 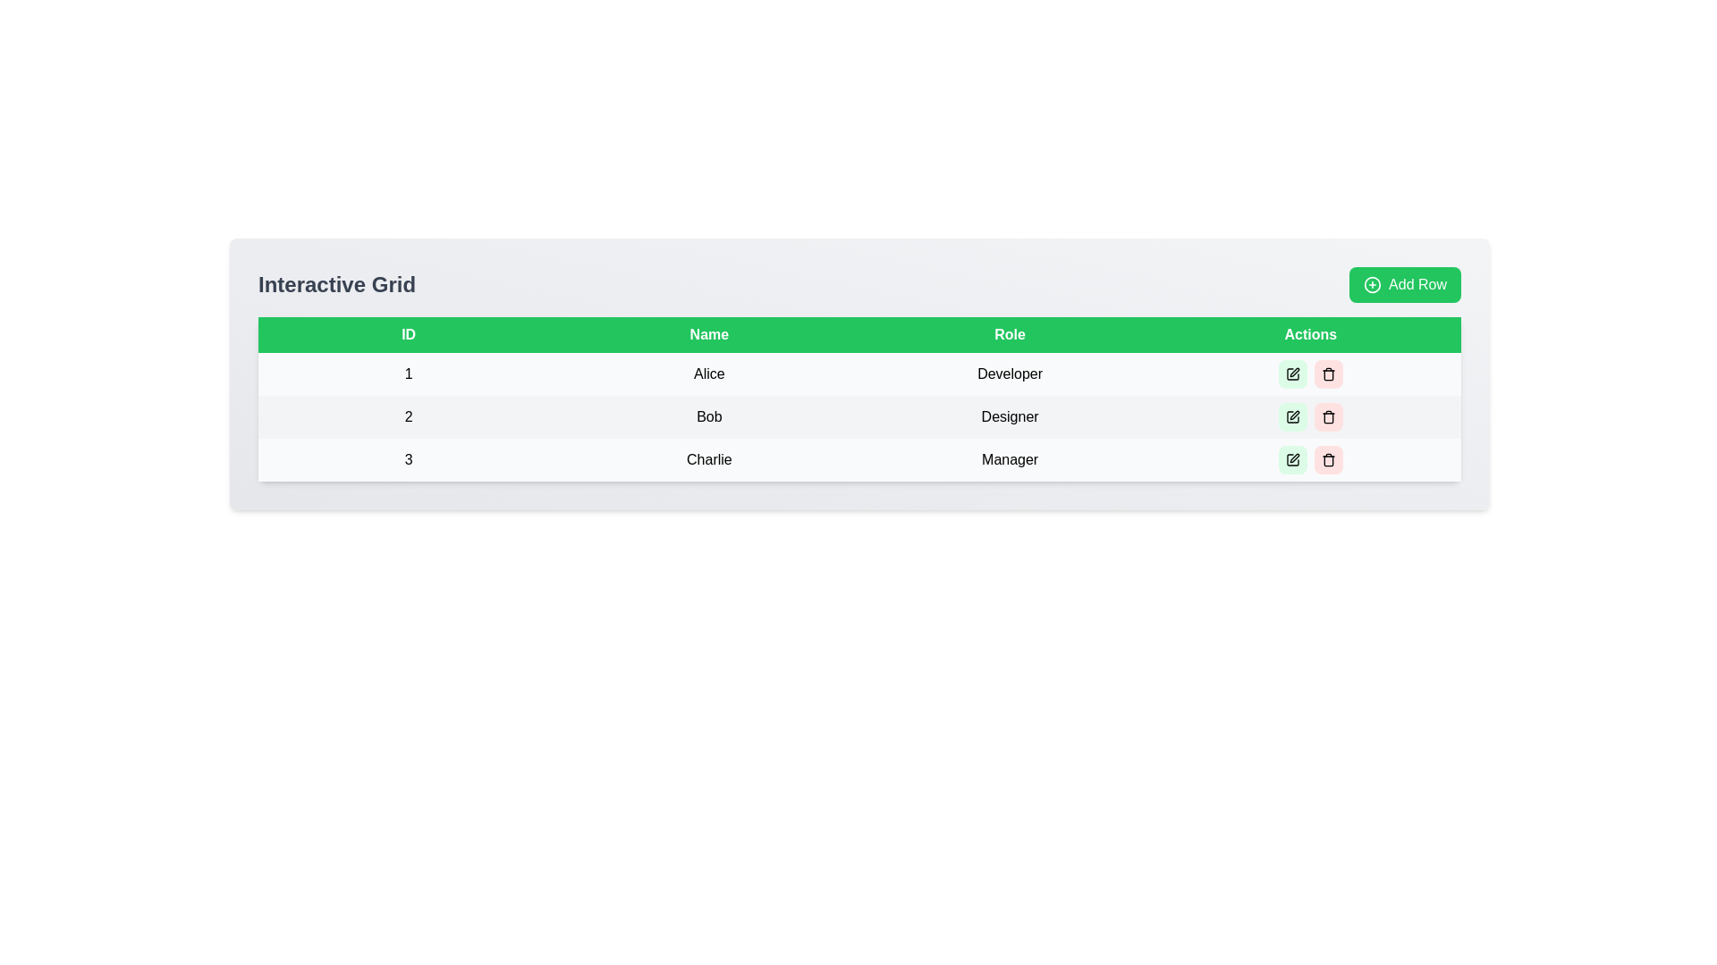 What do you see at coordinates (708, 373) in the screenshot?
I see `the table cell displaying the text 'Alice' located in the middle column of the first data row under the 'Name' column` at bounding box center [708, 373].